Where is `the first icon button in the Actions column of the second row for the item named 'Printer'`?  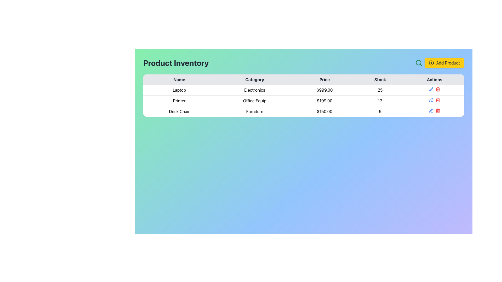 the first icon button in the Actions column of the second row for the item named 'Printer' is located at coordinates (431, 89).